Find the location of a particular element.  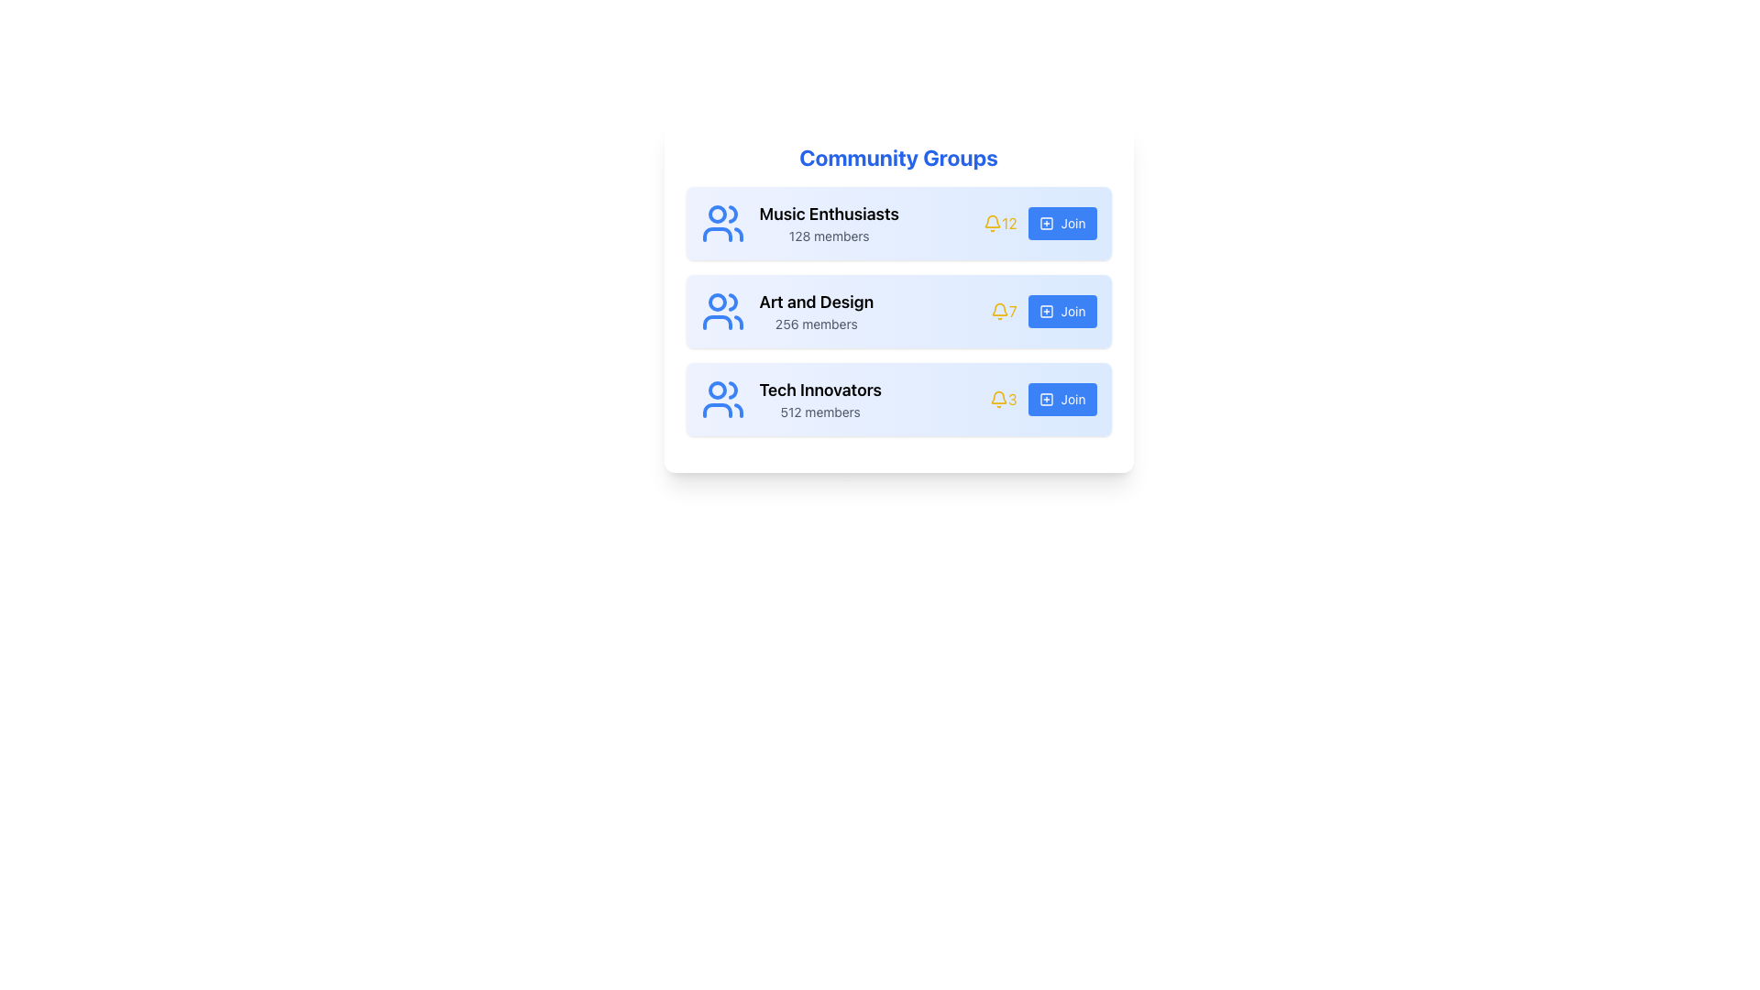

the icon located in the third blue 'Join' button on the right side of the 'Tech Innovators' row, which serves as a symbolic indicator for adding or joining is located at coordinates (1046, 398).